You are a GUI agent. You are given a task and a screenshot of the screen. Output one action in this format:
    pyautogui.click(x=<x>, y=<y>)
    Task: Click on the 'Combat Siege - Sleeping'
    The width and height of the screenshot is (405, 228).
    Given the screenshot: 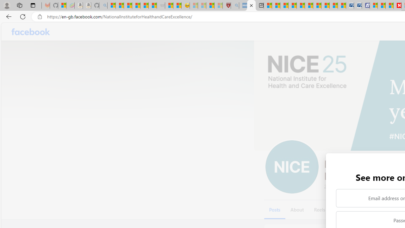 What is the action you would take?
    pyautogui.click(x=161, y=5)
    